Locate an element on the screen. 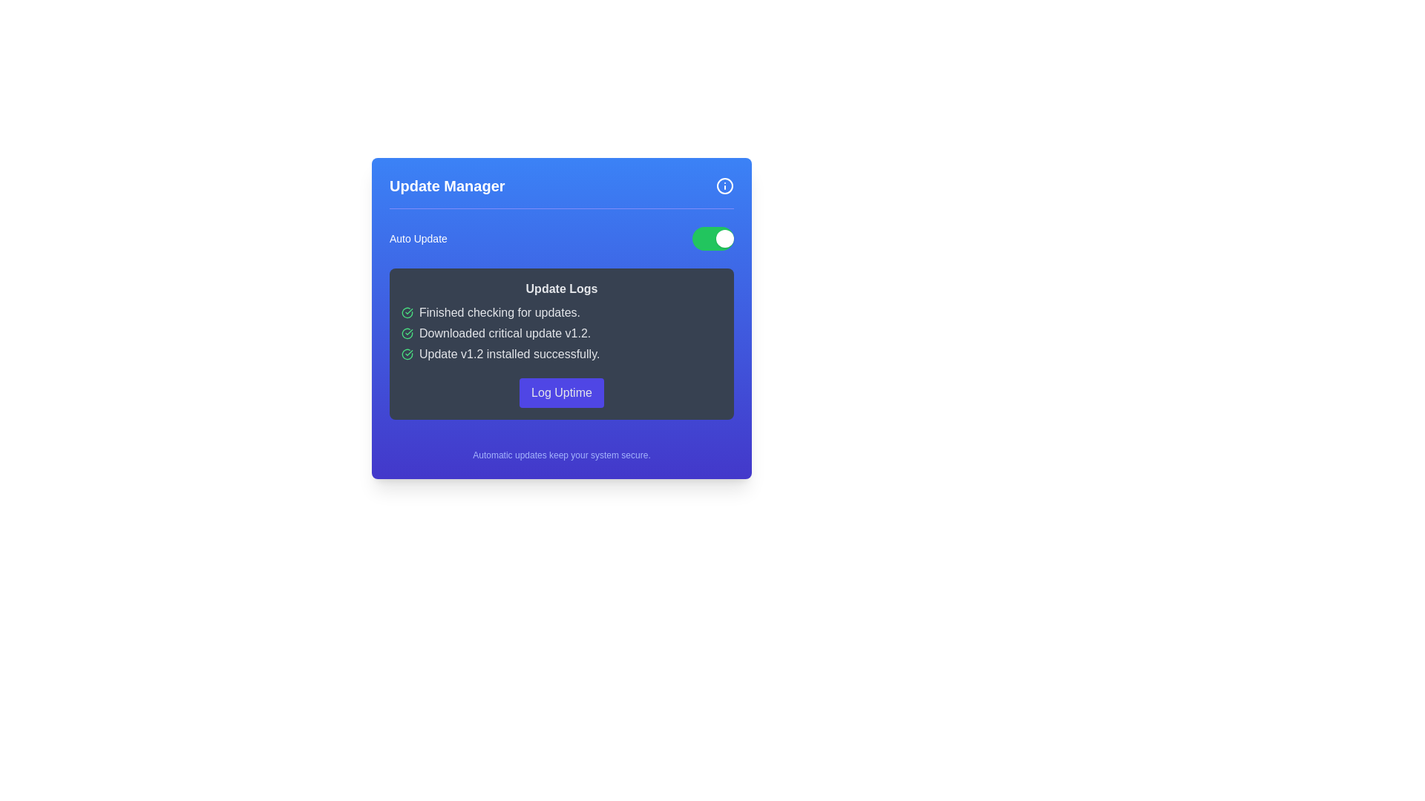 This screenshot has width=1425, height=801. the text log display in the 'Update Logs' section, which shows entries about updates with checkmark icons is located at coordinates (561, 334).